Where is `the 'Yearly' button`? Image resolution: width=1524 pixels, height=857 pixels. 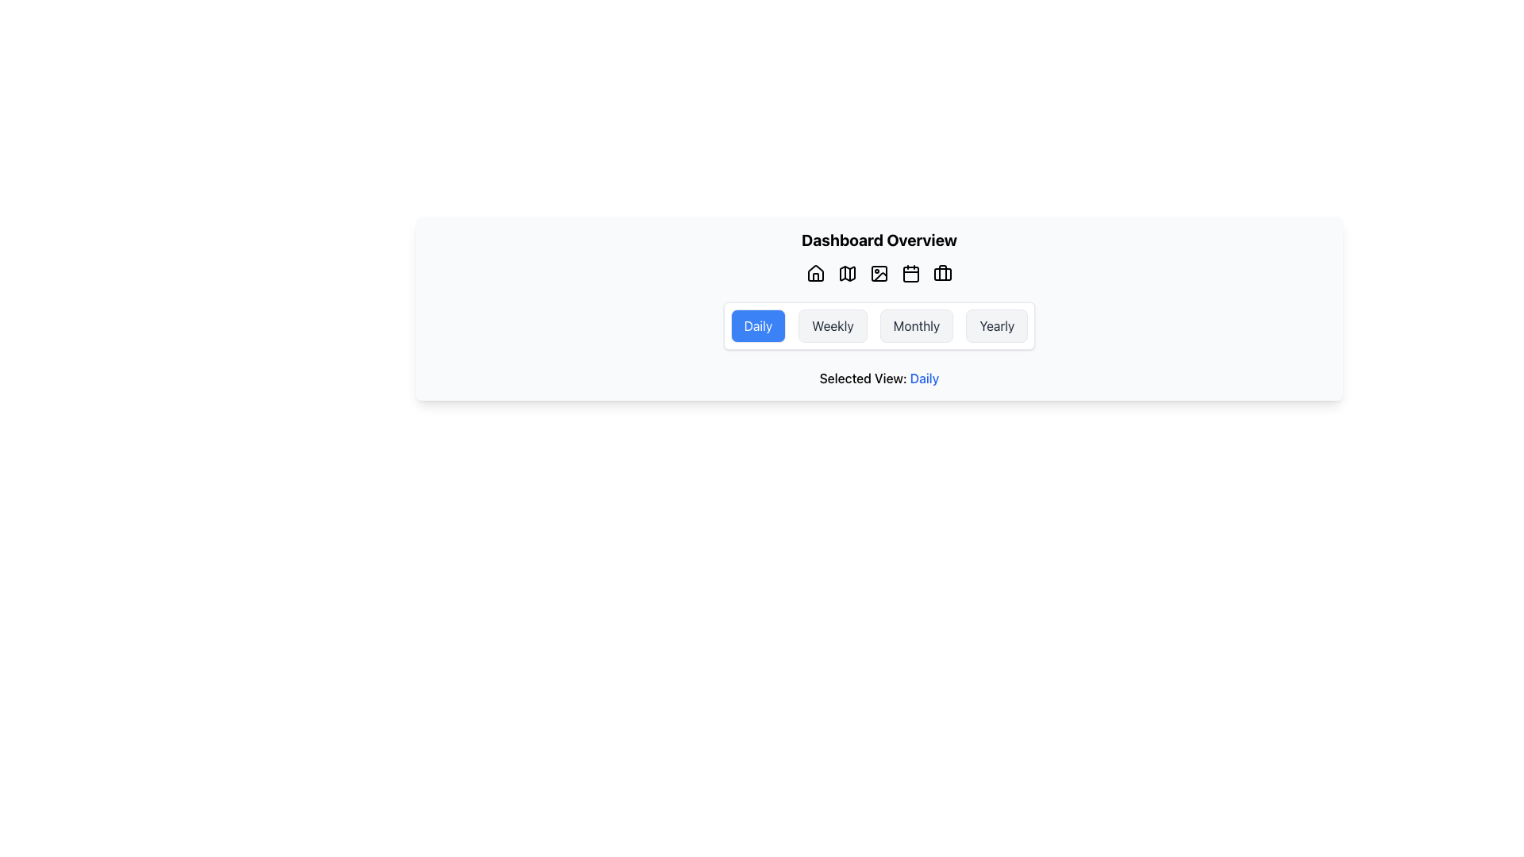 the 'Yearly' button is located at coordinates (996, 325).